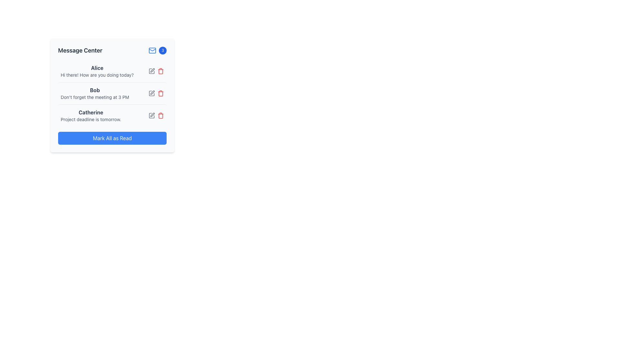 This screenshot has height=348, width=620. I want to click on the text label that reads 'Project deadline is tomorrow.' which is styled in a smaller font size and light gray color, located under the name 'Catherine' in the card-like layout, so click(90, 119).